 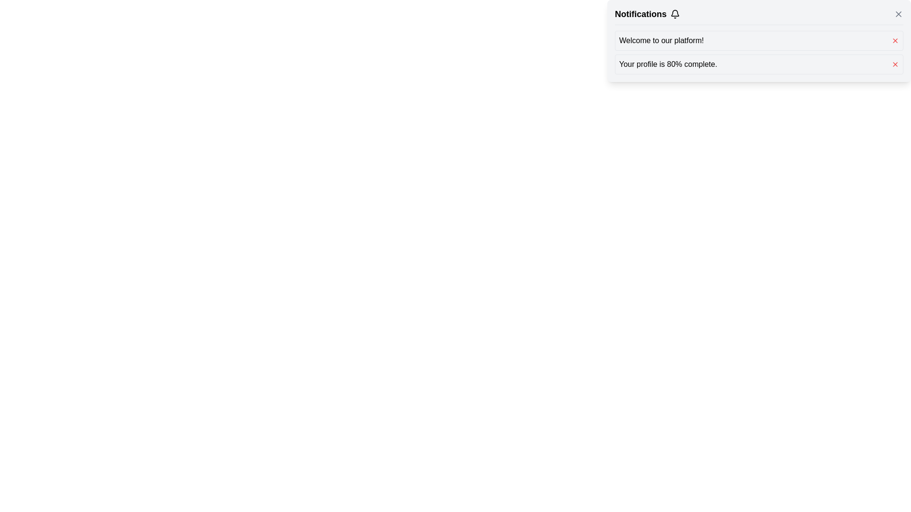 What do you see at coordinates (675, 14) in the screenshot?
I see `the bell-shaped icon located to the right of the 'Notifications' text in the header section of the notification pane` at bounding box center [675, 14].